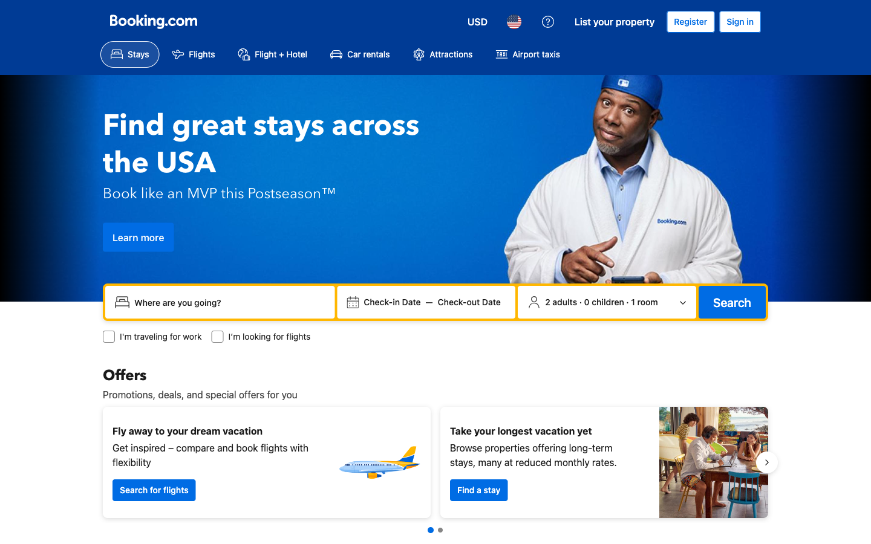  I want to click on the count of people residing in the room, so click(606, 302).